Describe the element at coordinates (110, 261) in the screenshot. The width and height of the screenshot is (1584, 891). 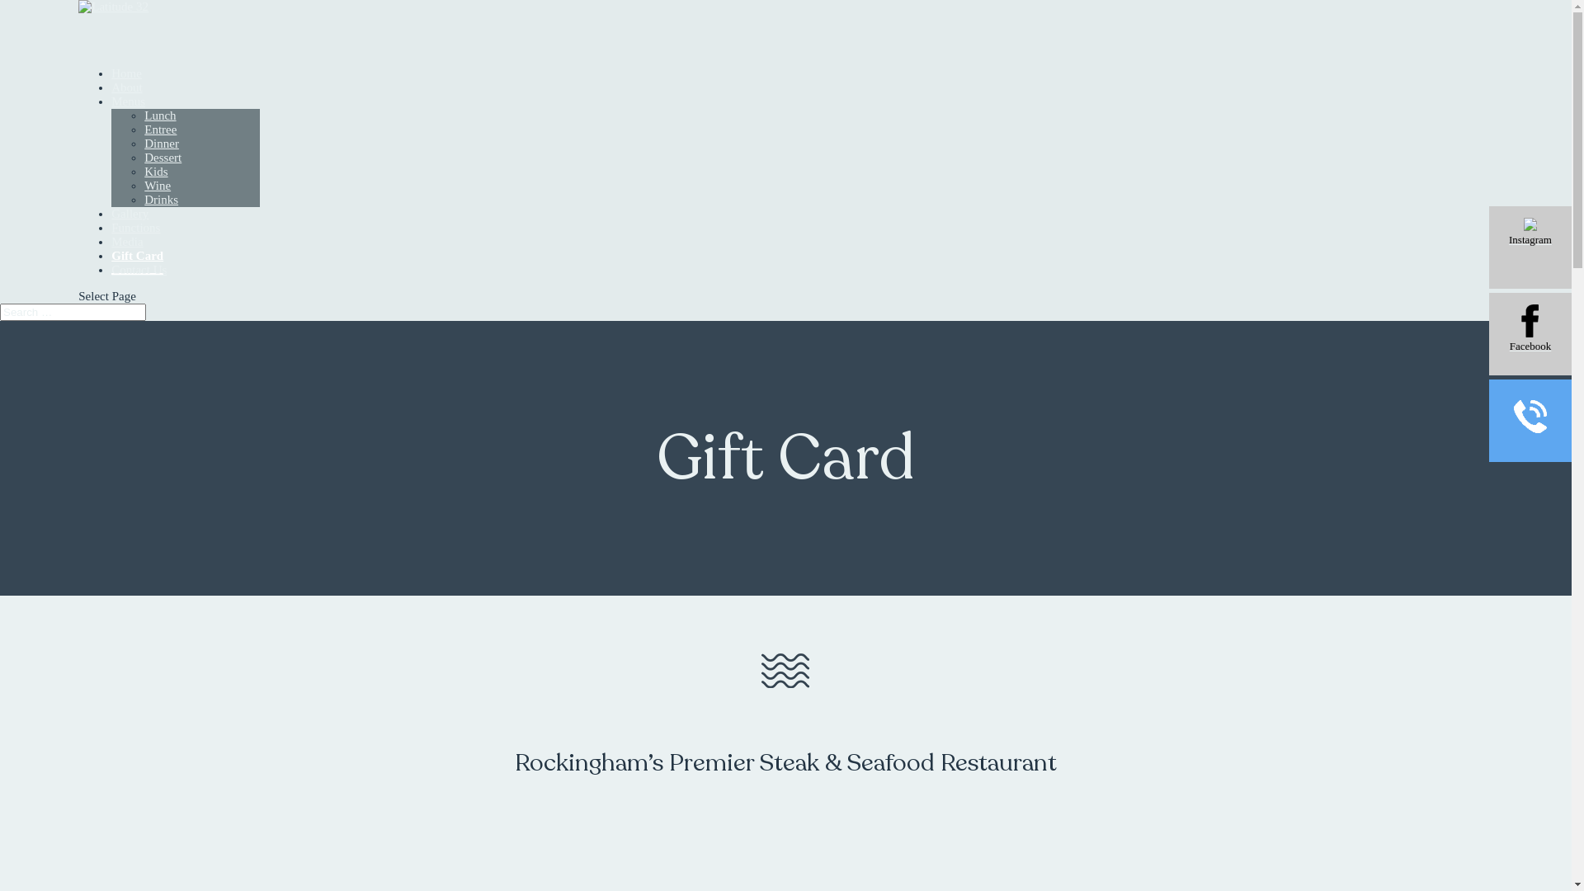
I see `'Media'` at that location.